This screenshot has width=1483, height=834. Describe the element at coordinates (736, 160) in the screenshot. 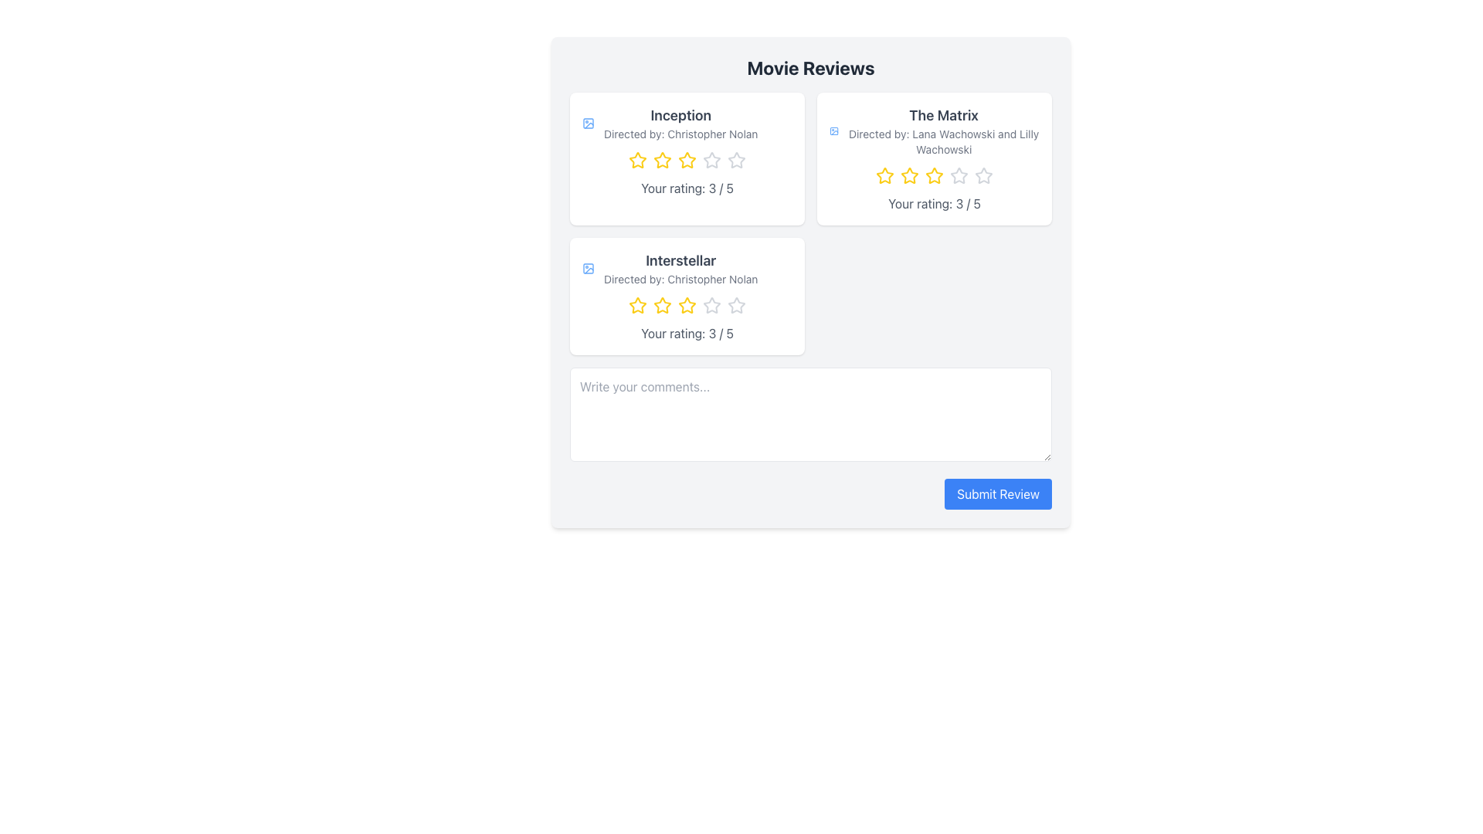

I see `the fourth star icon in the rating component of the review card titled 'Inception'` at that location.